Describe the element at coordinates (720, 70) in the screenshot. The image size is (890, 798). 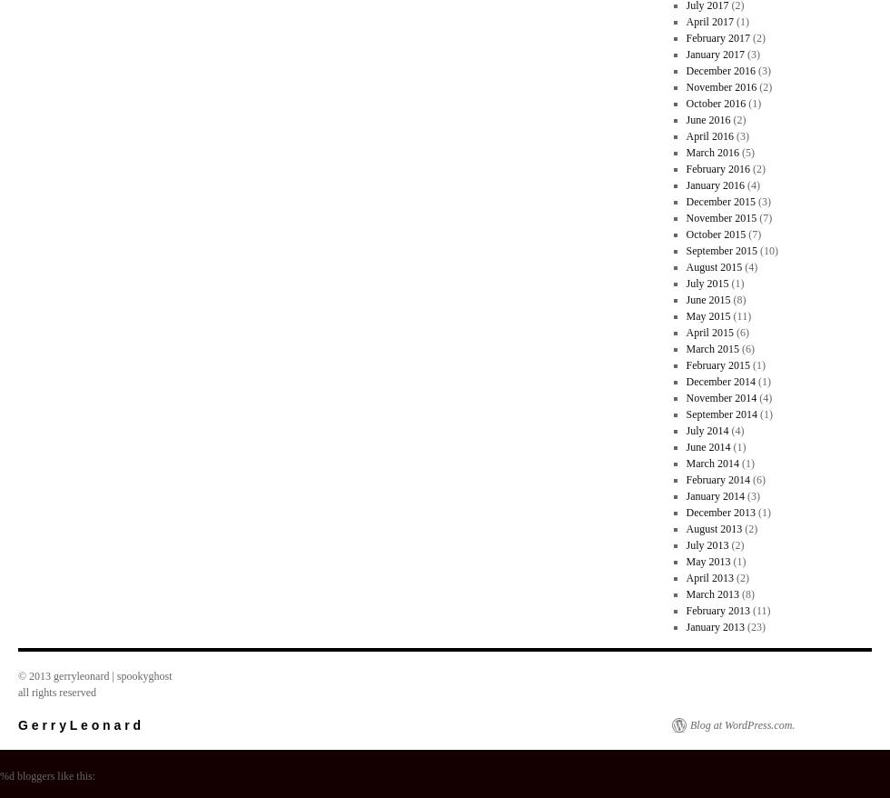
I see `'December 2016'` at that location.